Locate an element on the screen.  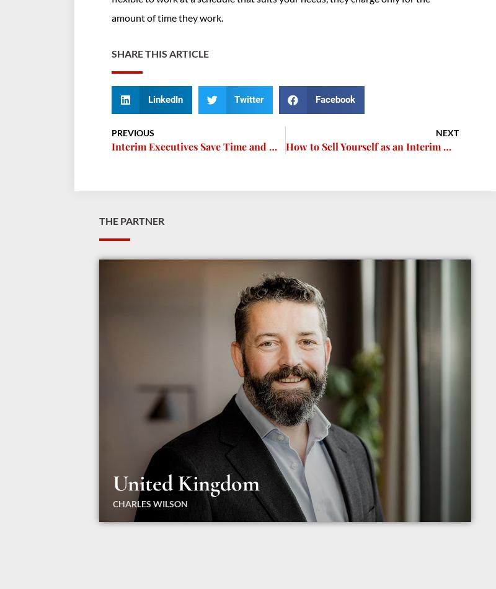
'Twitter' is located at coordinates (234, 98).